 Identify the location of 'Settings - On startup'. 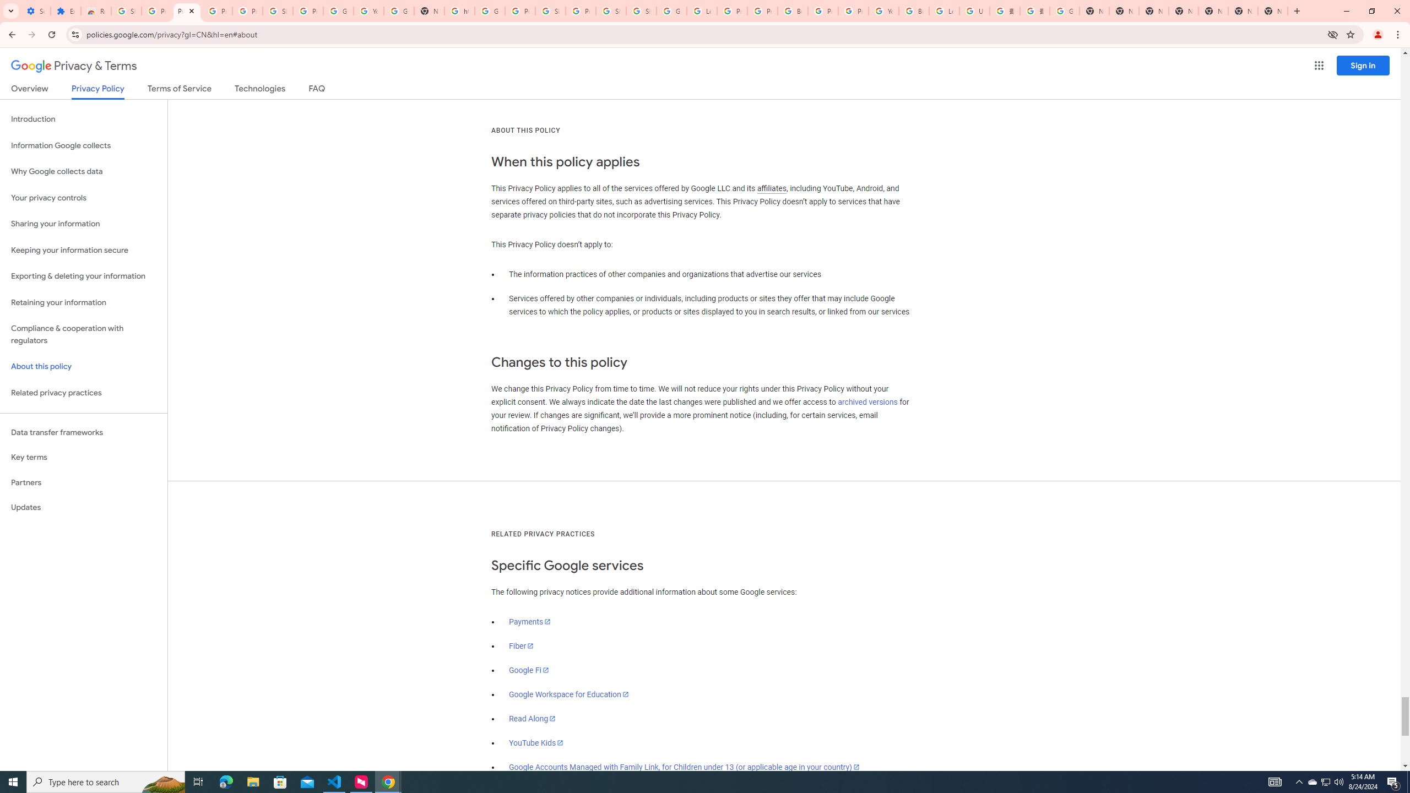
(35, 10).